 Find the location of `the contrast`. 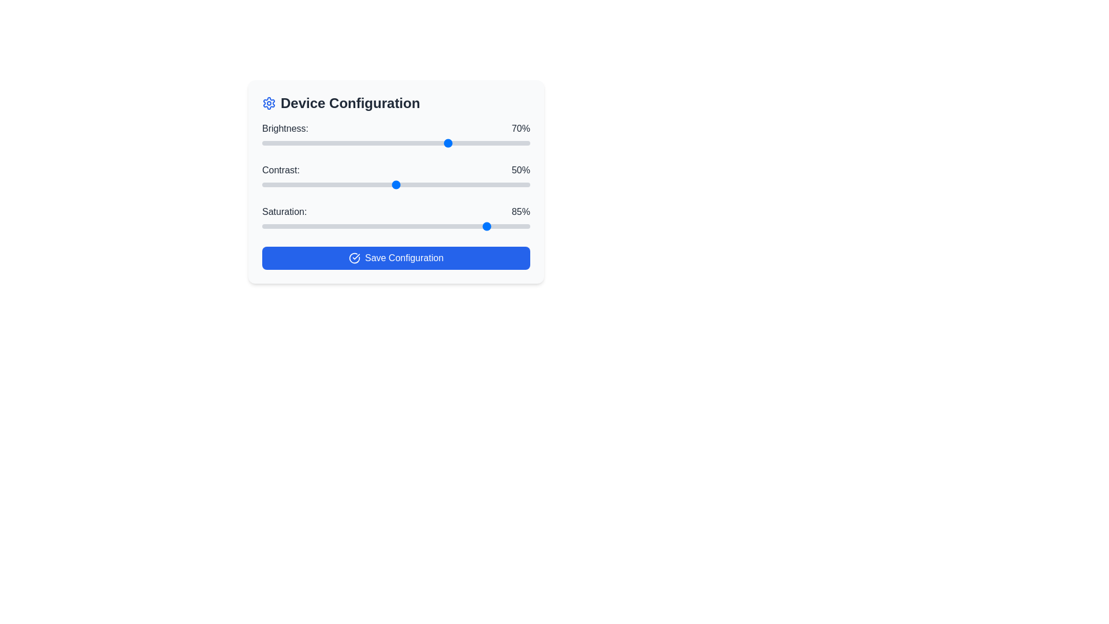

the contrast is located at coordinates (342, 184).